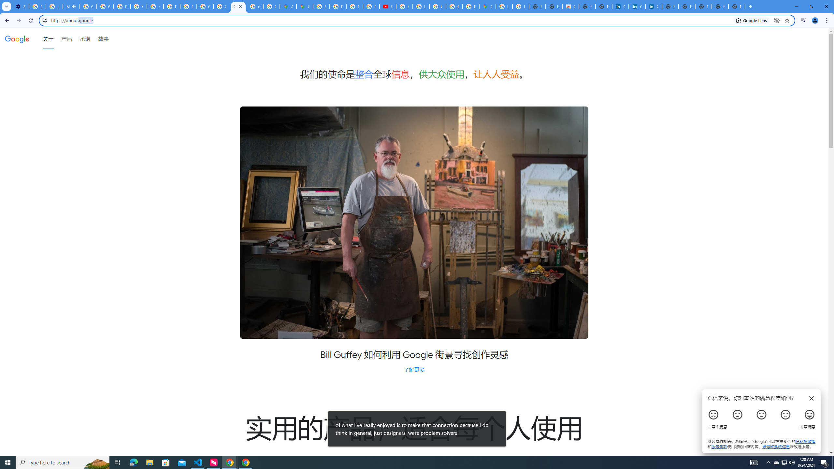 The image size is (834, 469). I want to click on 'Privacy Help Center - Policies Help', so click(338, 6).